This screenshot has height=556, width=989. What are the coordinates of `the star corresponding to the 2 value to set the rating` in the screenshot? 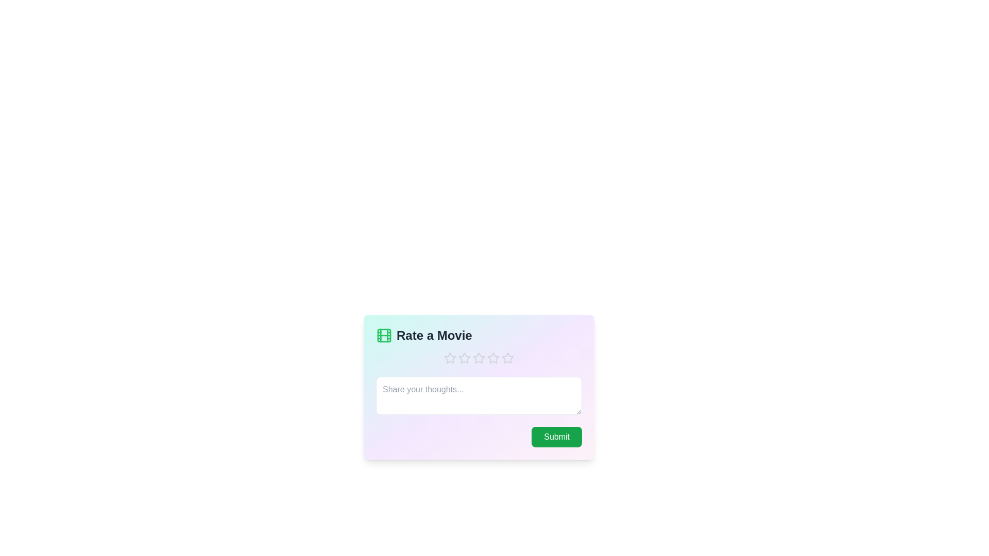 It's located at (464, 357).